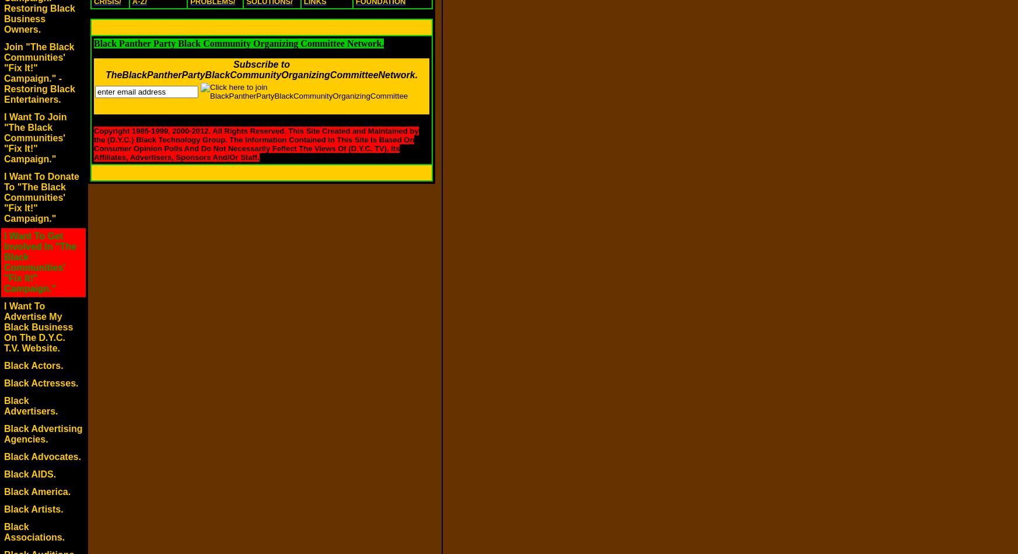  Describe the element at coordinates (33, 365) in the screenshot. I see `'Black Actors.'` at that location.